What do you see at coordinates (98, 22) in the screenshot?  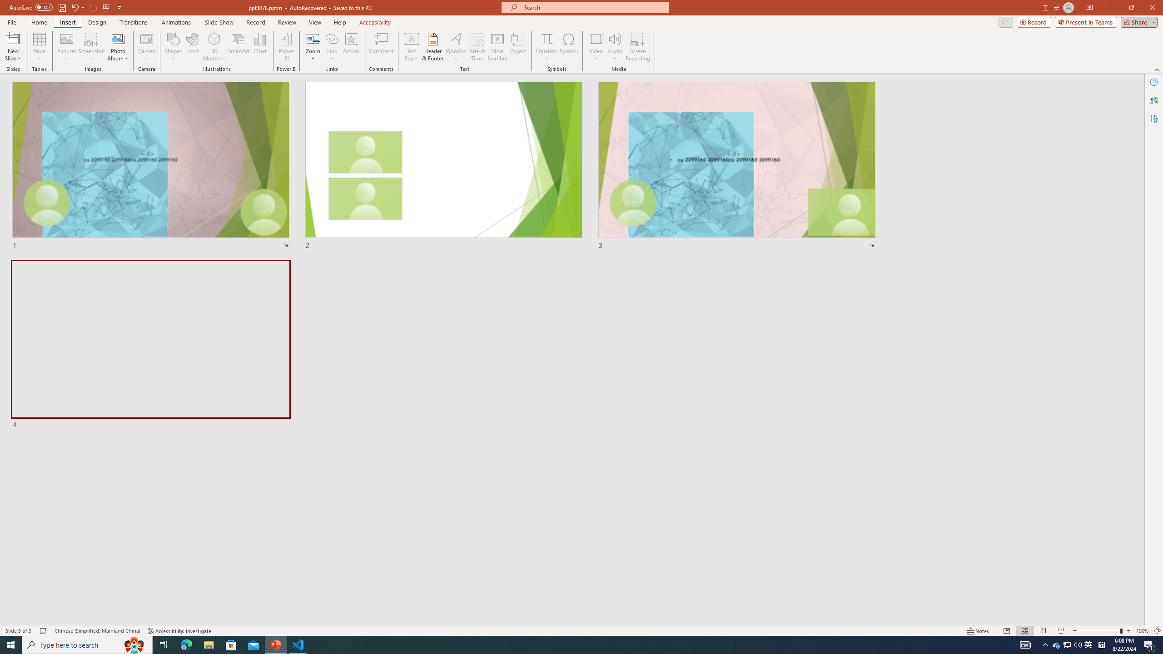 I see `'Design'` at bounding box center [98, 22].